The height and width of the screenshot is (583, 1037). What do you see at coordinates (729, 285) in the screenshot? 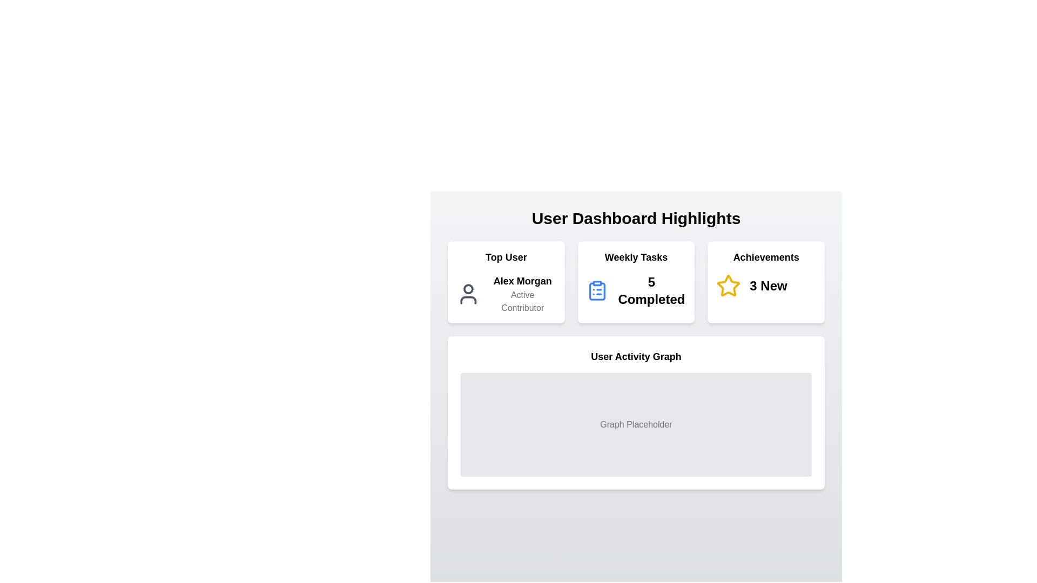
I see `the star icon with a yellow outline located at the top-right corner of the 'Achievements' section on the User Dashboard Highlights` at bounding box center [729, 285].